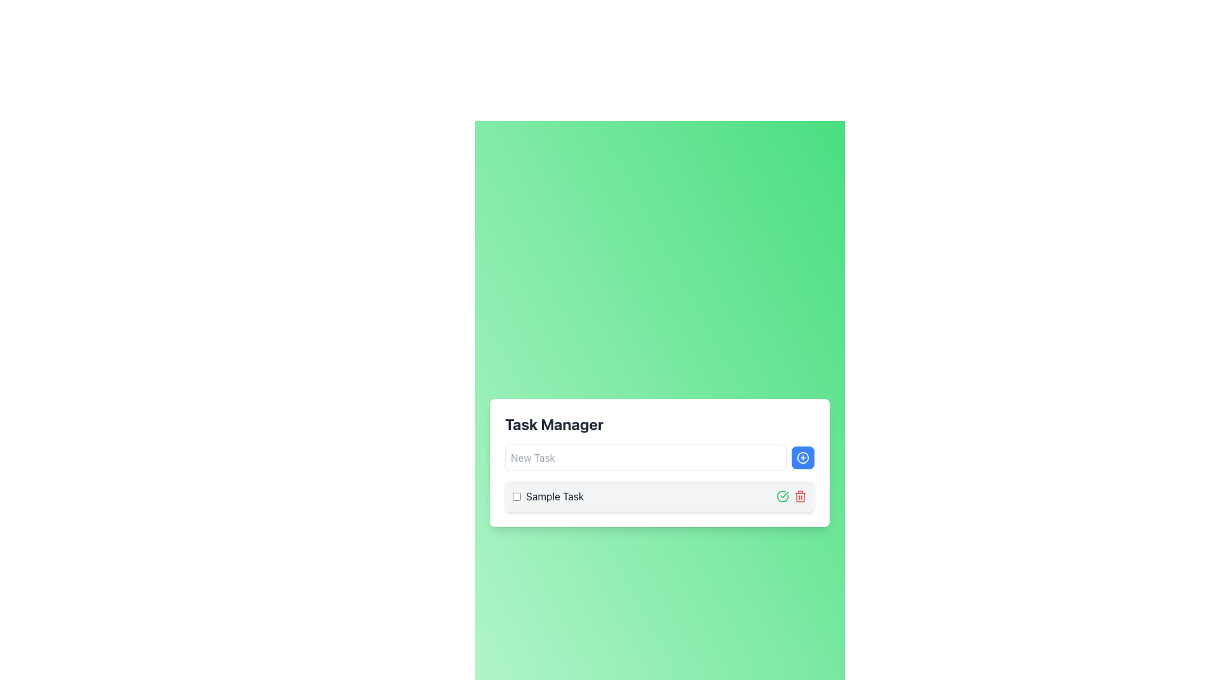  What do you see at coordinates (802, 457) in the screenshot?
I see `the button used to add a new task, located to the right of the 'New Task' text input field` at bounding box center [802, 457].